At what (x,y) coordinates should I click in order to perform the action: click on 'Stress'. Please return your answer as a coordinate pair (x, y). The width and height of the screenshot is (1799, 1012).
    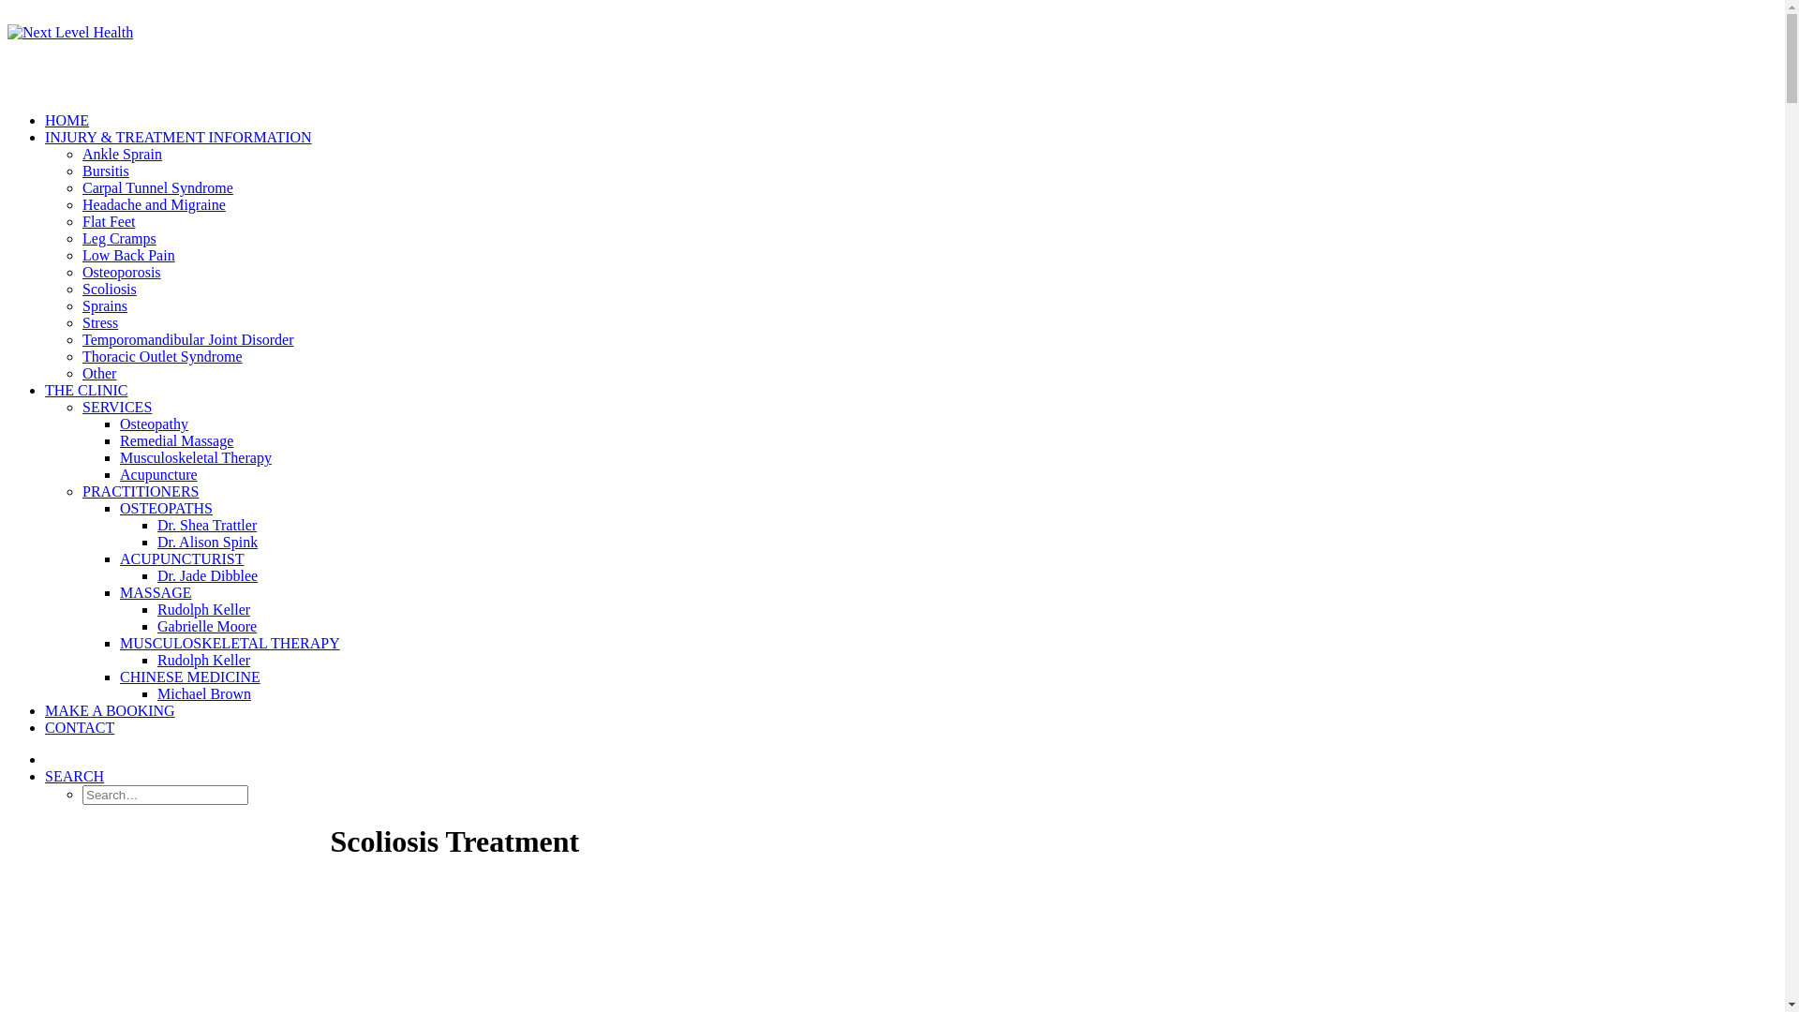
    Looking at the image, I should click on (98, 321).